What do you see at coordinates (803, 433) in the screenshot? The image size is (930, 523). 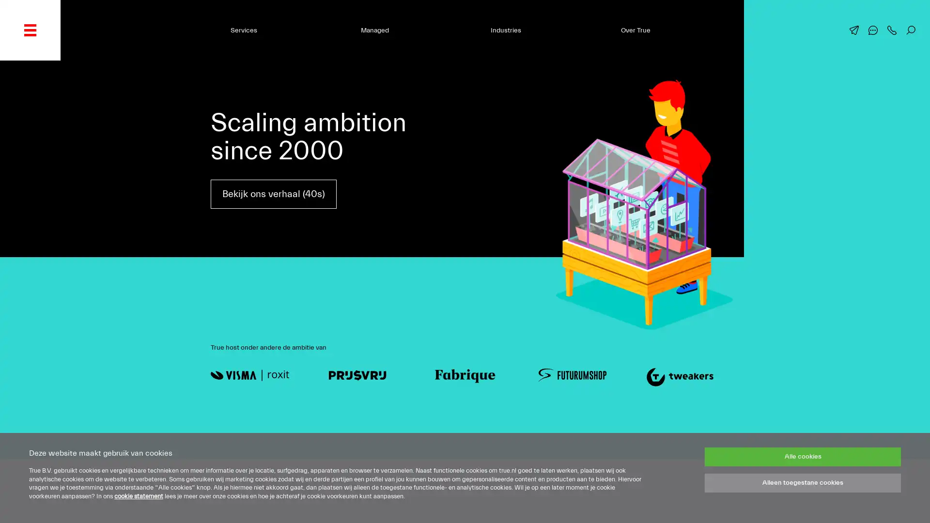 I see `Alle cookies` at bounding box center [803, 433].